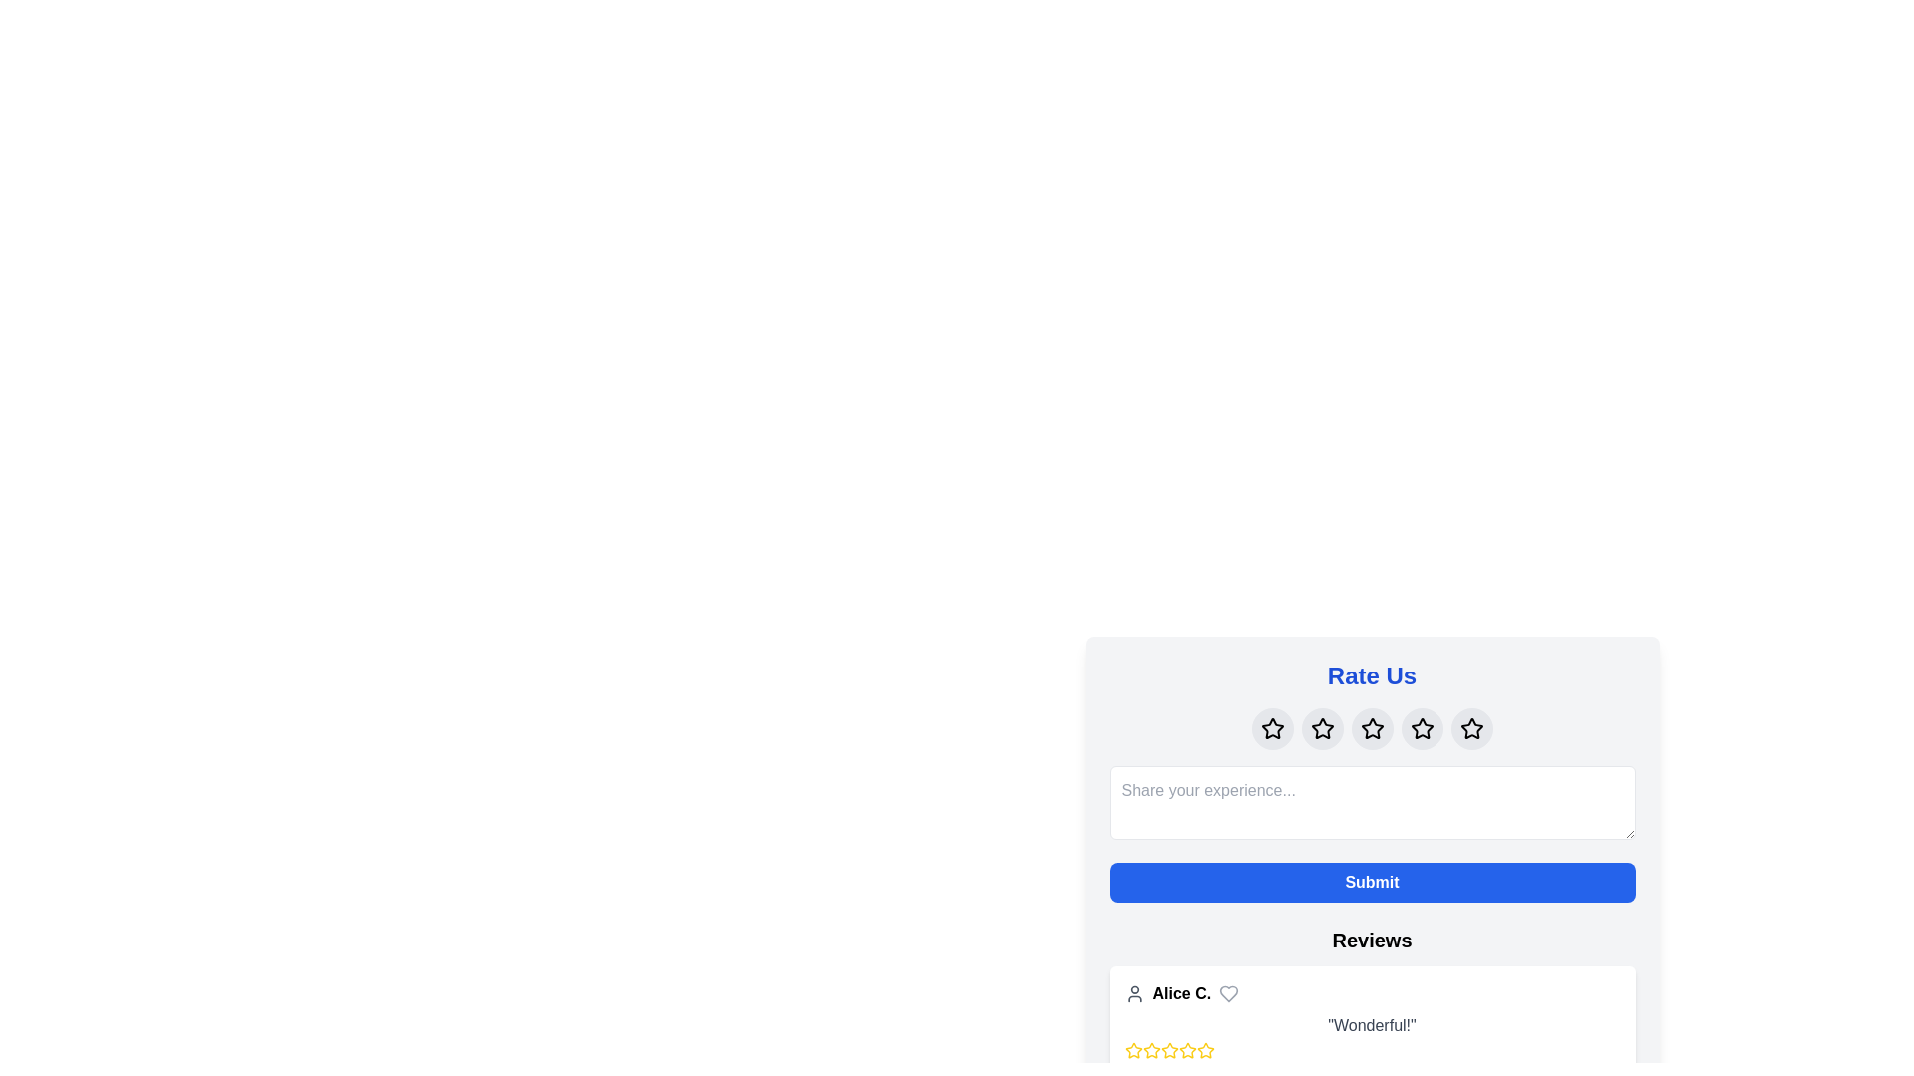 The image size is (1914, 1076). Describe the element at coordinates (1168, 1048) in the screenshot. I see `the first star-shaped icon, outlined in yellow and filled with white, located below the reviewer 'Alice C.' to interact and possibly alter the rating` at that location.